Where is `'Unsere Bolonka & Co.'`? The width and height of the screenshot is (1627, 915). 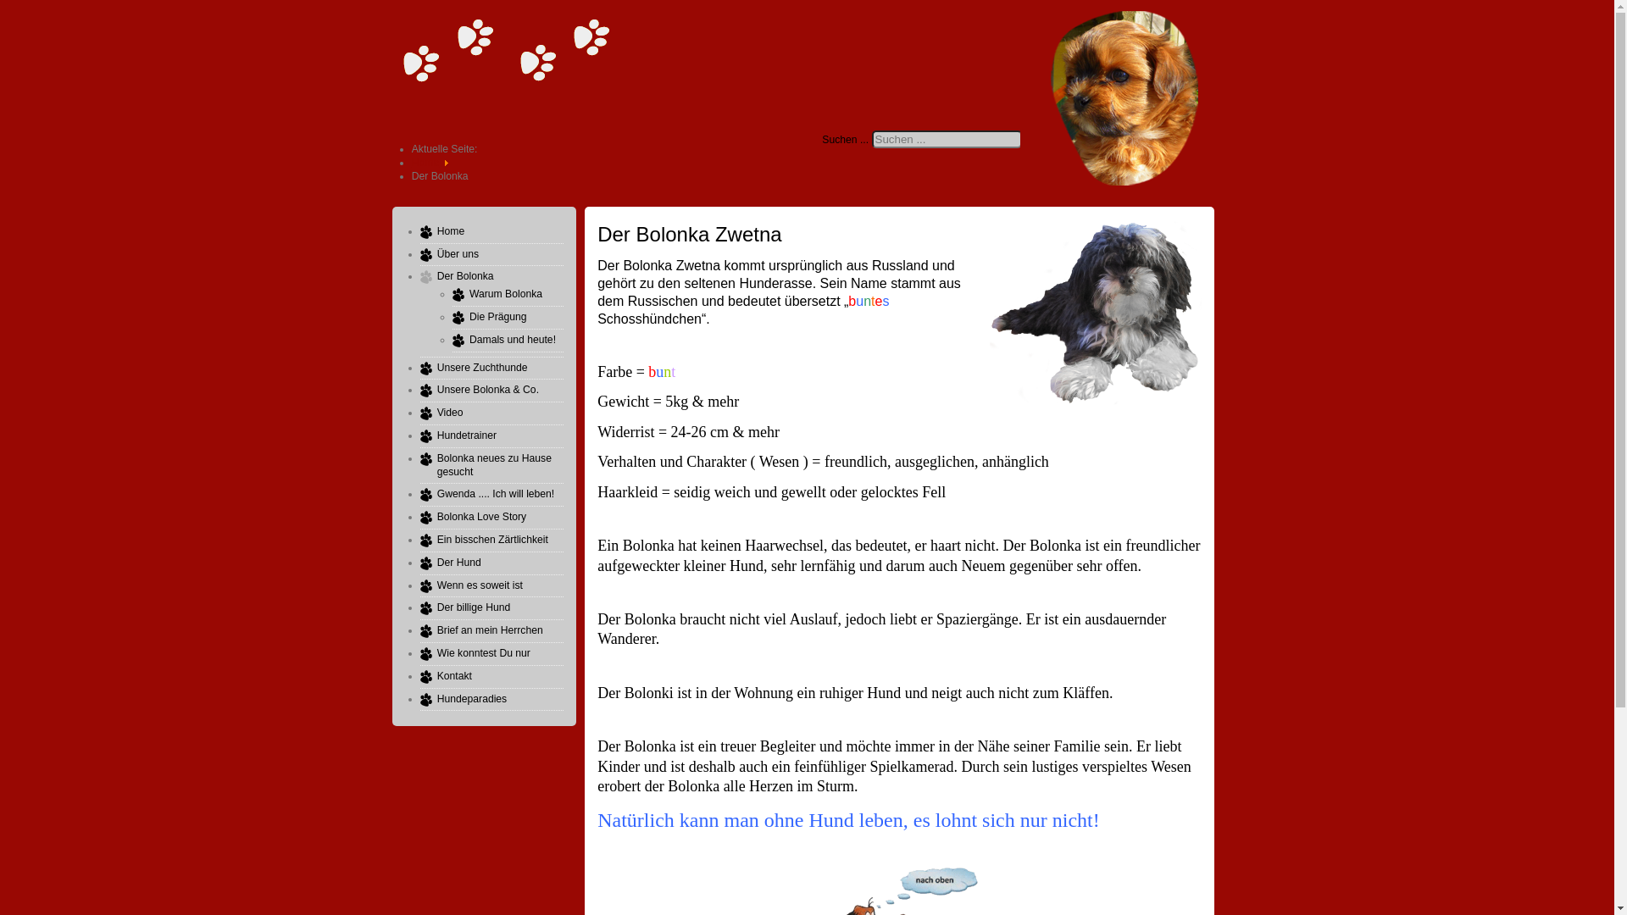
'Unsere Bolonka & Co.' is located at coordinates (487, 389).